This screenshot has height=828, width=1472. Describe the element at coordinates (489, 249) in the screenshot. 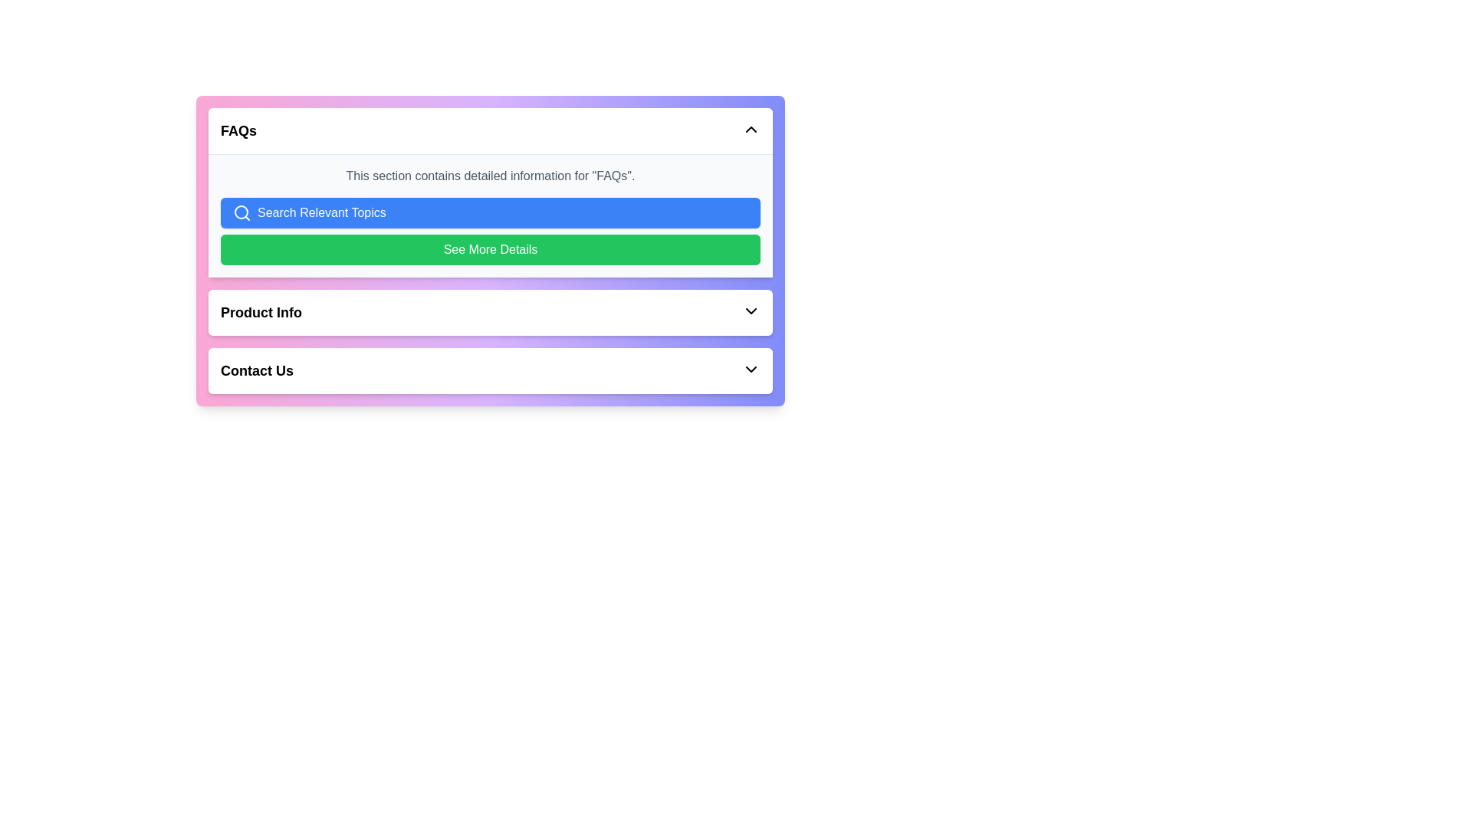

I see `the call-to-action button located directly below the 'Search Relevant Topics' blue button` at that location.